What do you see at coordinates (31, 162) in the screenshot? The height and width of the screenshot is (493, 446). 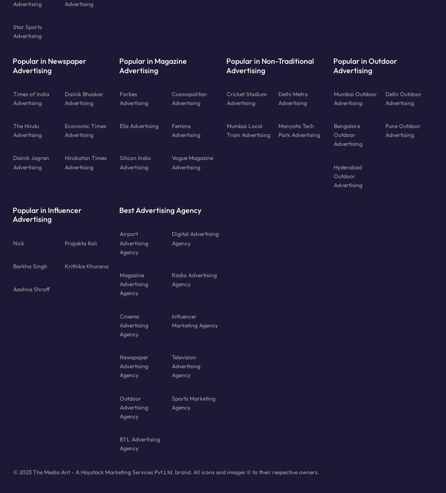 I see `'Dainik Jagran Advertising'` at bounding box center [31, 162].